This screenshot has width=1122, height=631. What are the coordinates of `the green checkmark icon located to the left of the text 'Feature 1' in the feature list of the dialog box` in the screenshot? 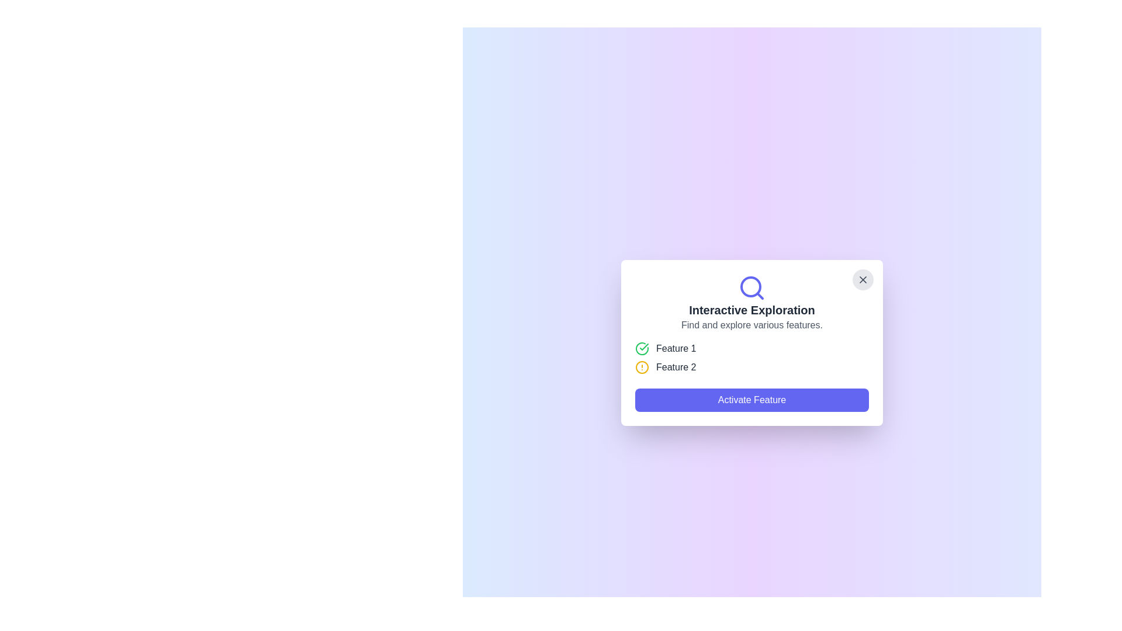 It's located at (642, 348).